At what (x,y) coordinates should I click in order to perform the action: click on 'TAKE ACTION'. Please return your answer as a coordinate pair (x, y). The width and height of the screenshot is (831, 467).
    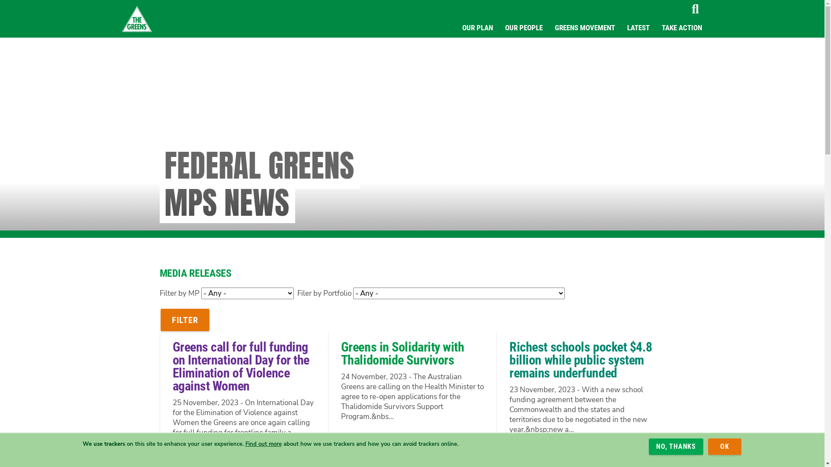
    Looking at the image, I should click on (681, 27).